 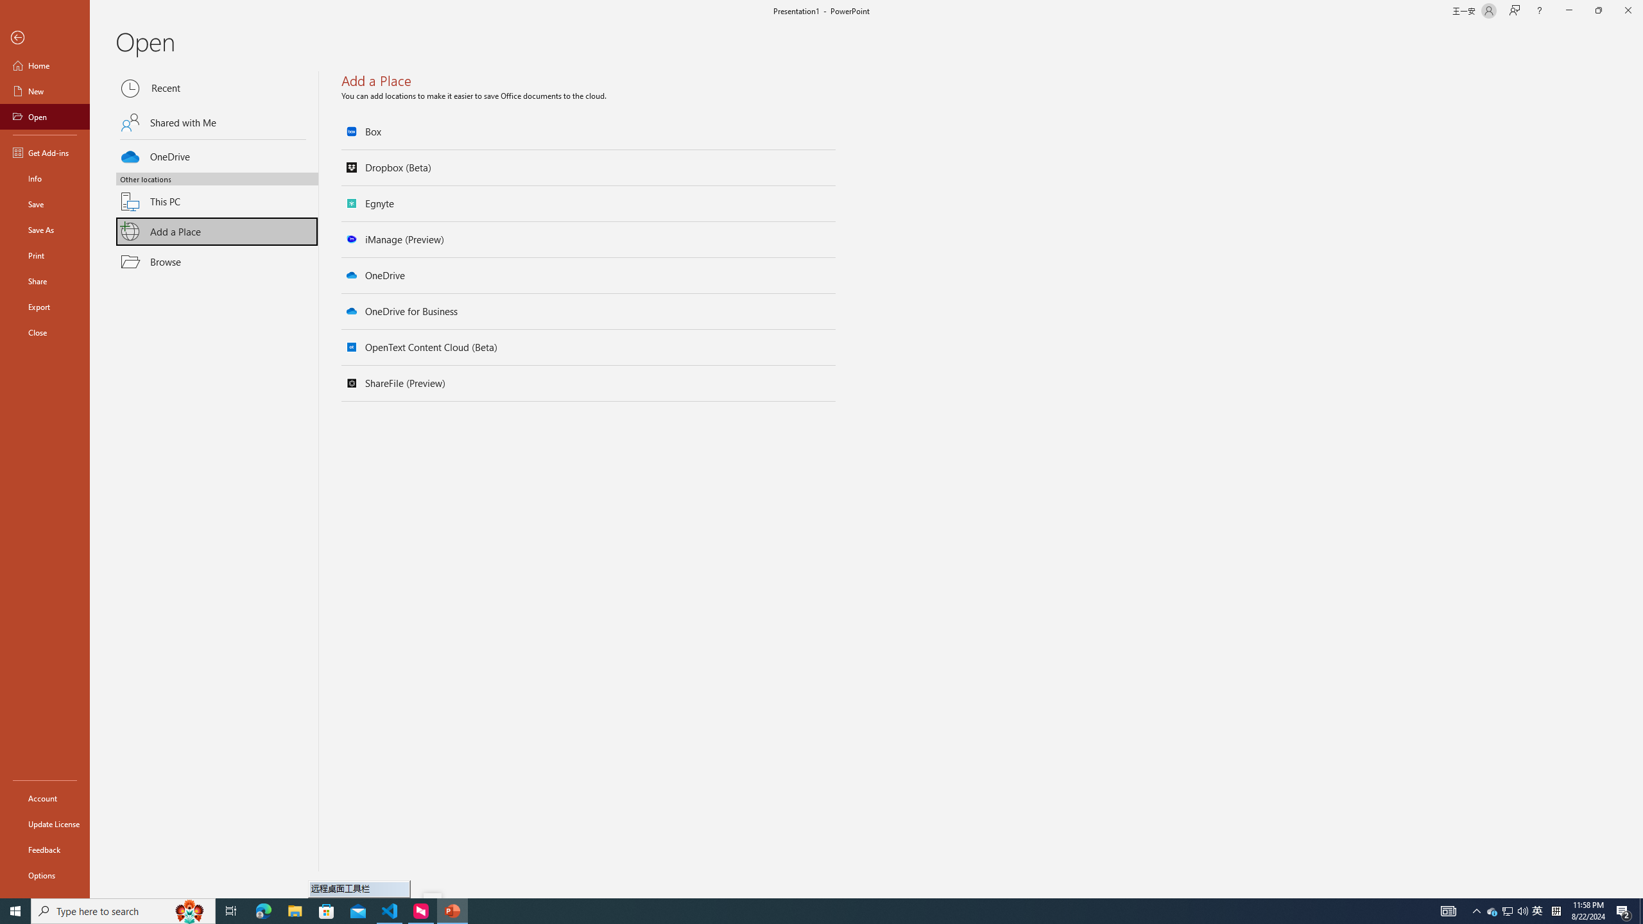 I want to click on 'New', so click(x=44, y=90).